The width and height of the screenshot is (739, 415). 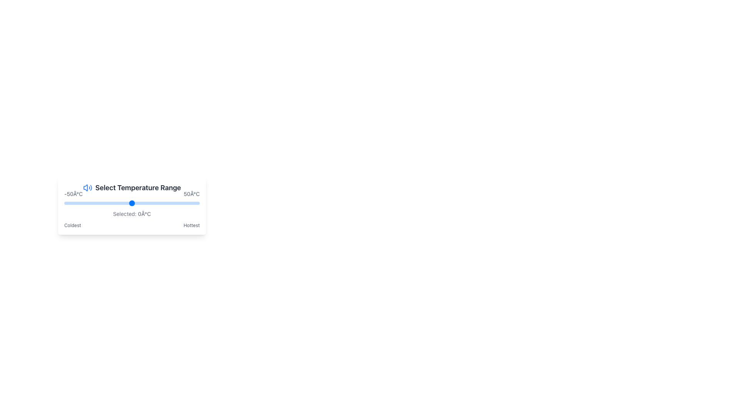 What do you see at coordinates (126, 203) in the screenshot?
I see `the temperature slider` at bounding box center [126, 203].